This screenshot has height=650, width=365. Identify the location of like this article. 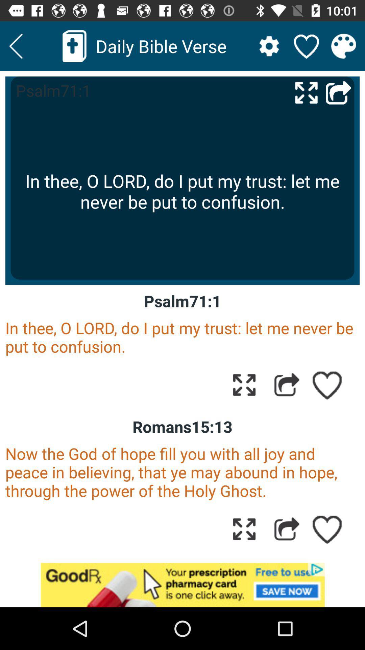
(327, 528).